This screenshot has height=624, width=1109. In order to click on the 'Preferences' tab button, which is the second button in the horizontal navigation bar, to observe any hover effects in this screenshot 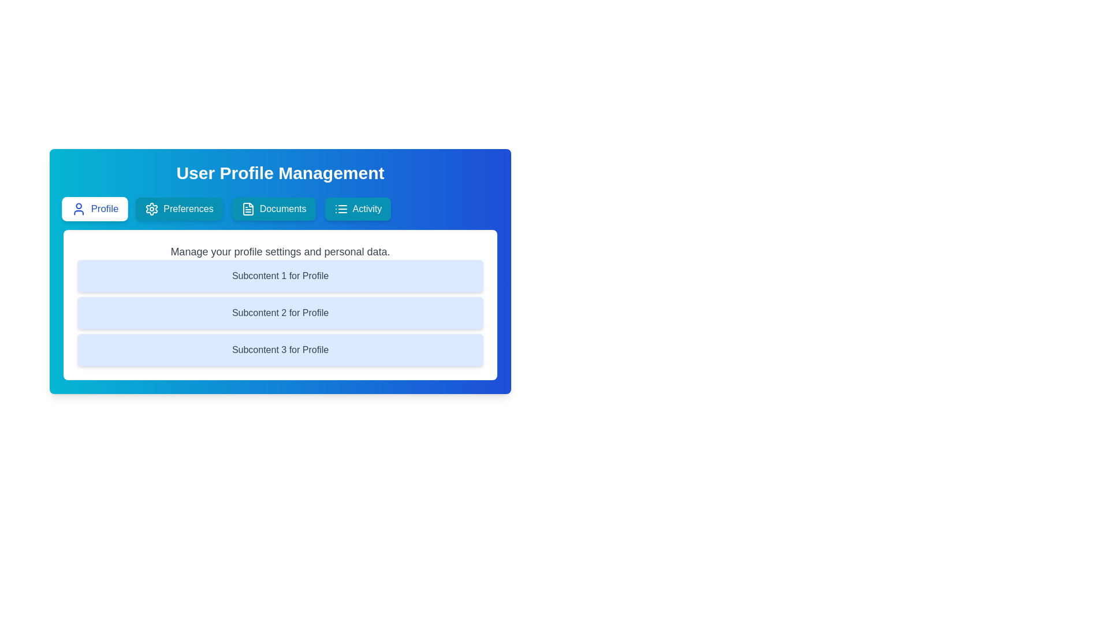, I will do `click(178, 209)`.